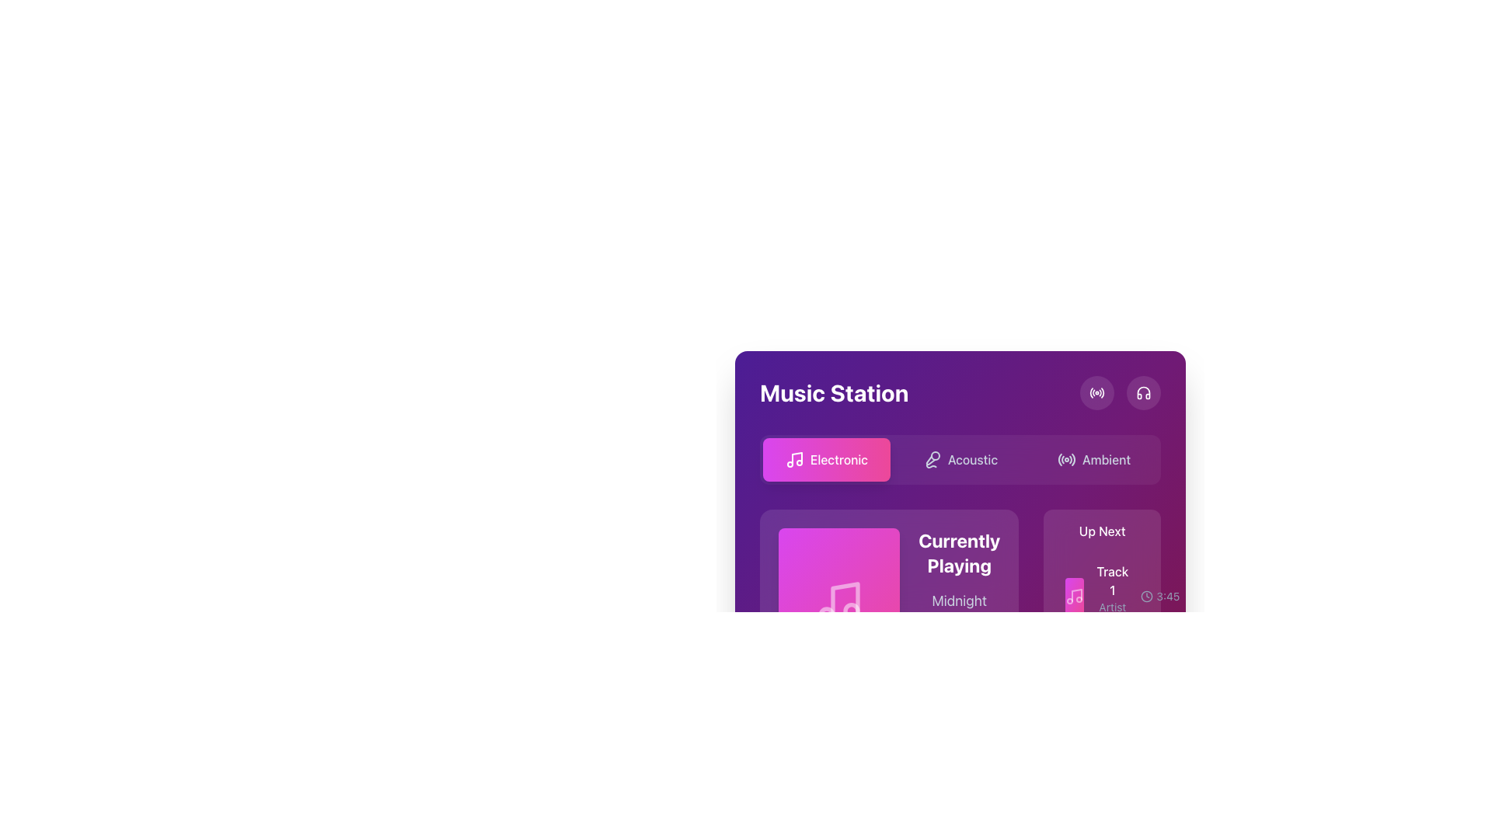 The width and height of the screenshot is (1492, 839). Describe the element at coordinates (851, 610) in the screenshot. I see `the small hollow circle SVG element located in the bottom-right quadrant of its containing SVG group` at that location.